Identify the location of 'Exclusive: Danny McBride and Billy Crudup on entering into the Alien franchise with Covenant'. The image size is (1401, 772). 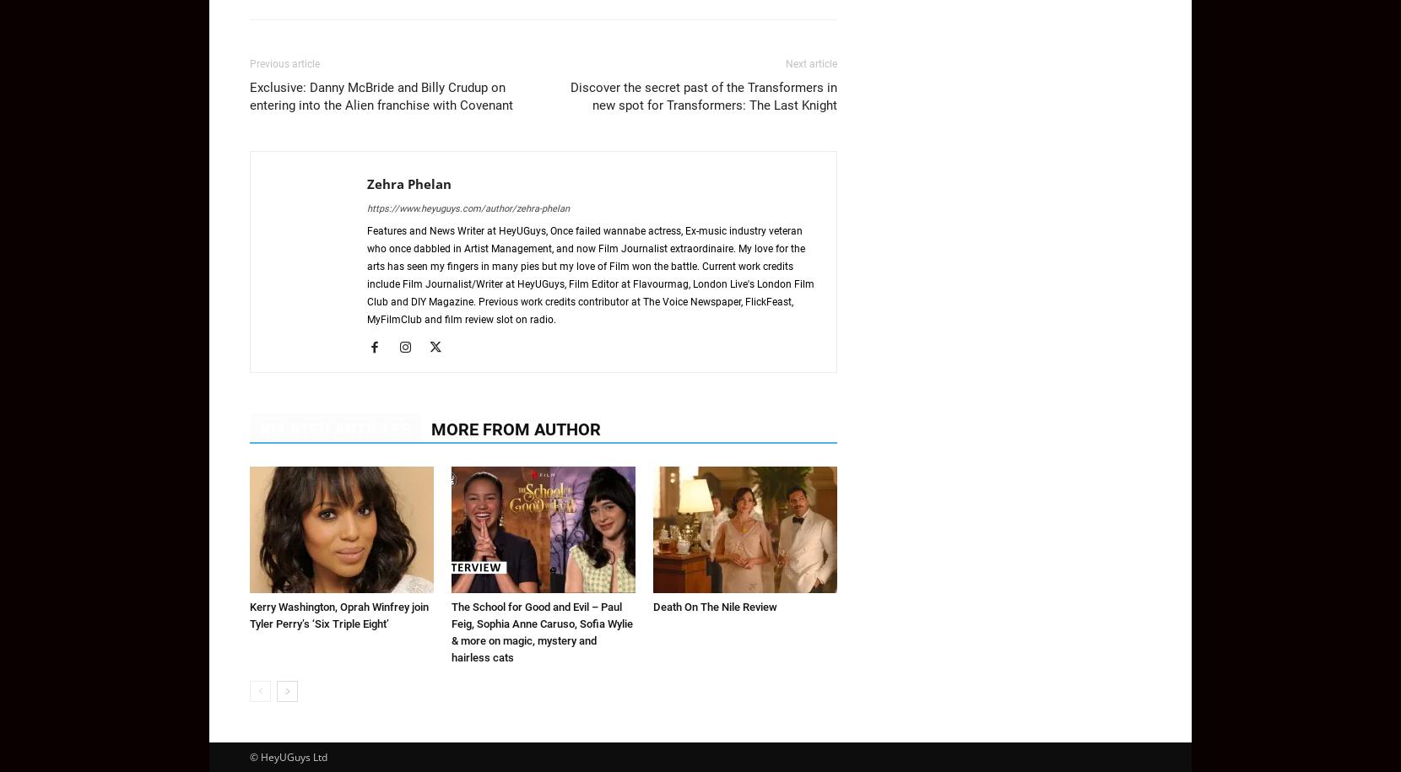
(248, 96).